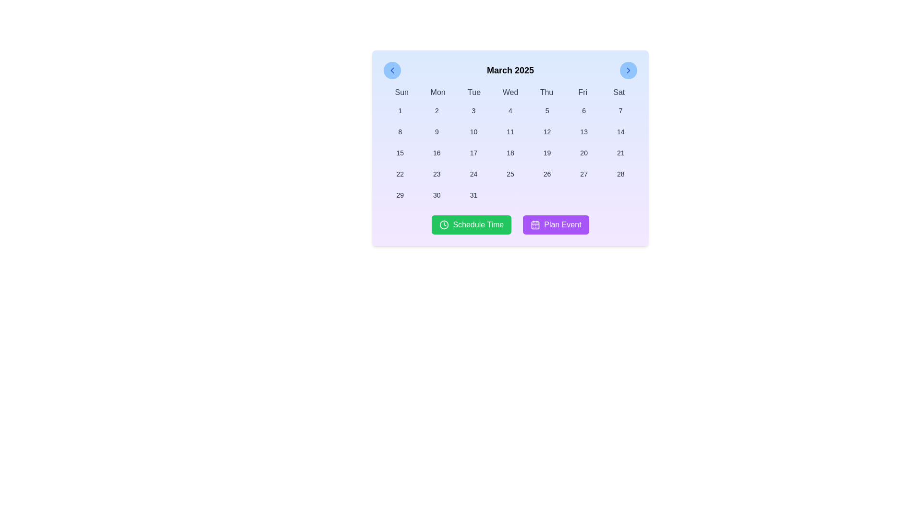 The image size is (922, 518). What do you see at coordinates (620, 153) in the screenshot?
I see `the button labeled '21' in the sixth row and seventh column of the calendar grid` at bounding box center [620, 153].